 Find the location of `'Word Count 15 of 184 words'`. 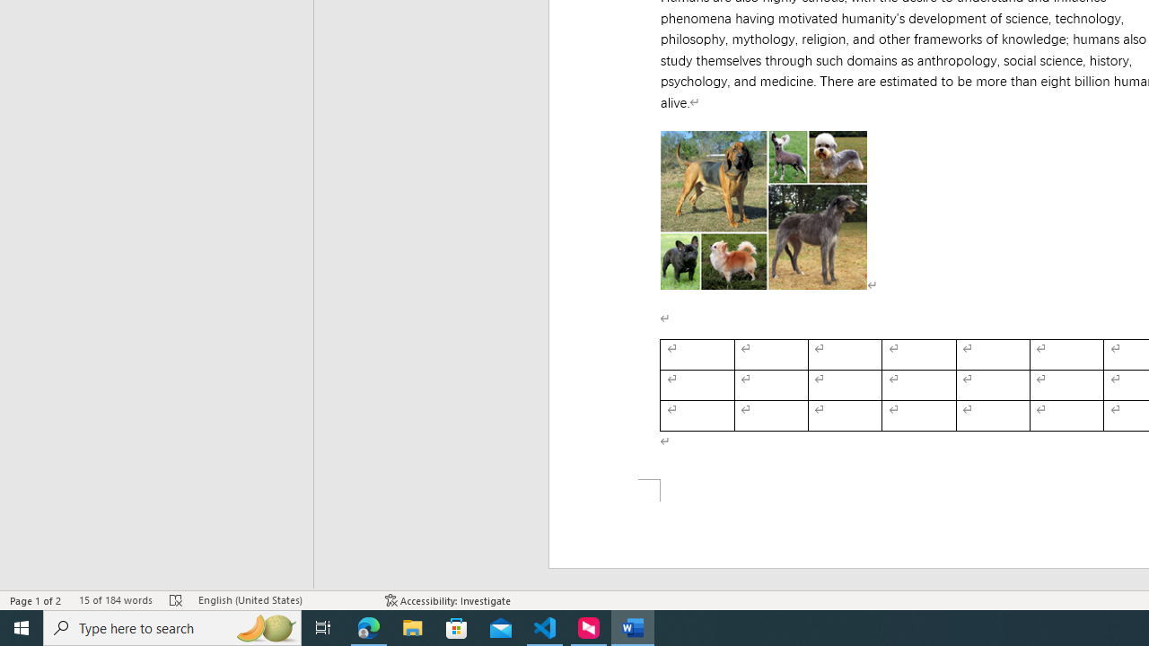

'Word Count 15 of 184 words' is located at coordinates (114, 600).